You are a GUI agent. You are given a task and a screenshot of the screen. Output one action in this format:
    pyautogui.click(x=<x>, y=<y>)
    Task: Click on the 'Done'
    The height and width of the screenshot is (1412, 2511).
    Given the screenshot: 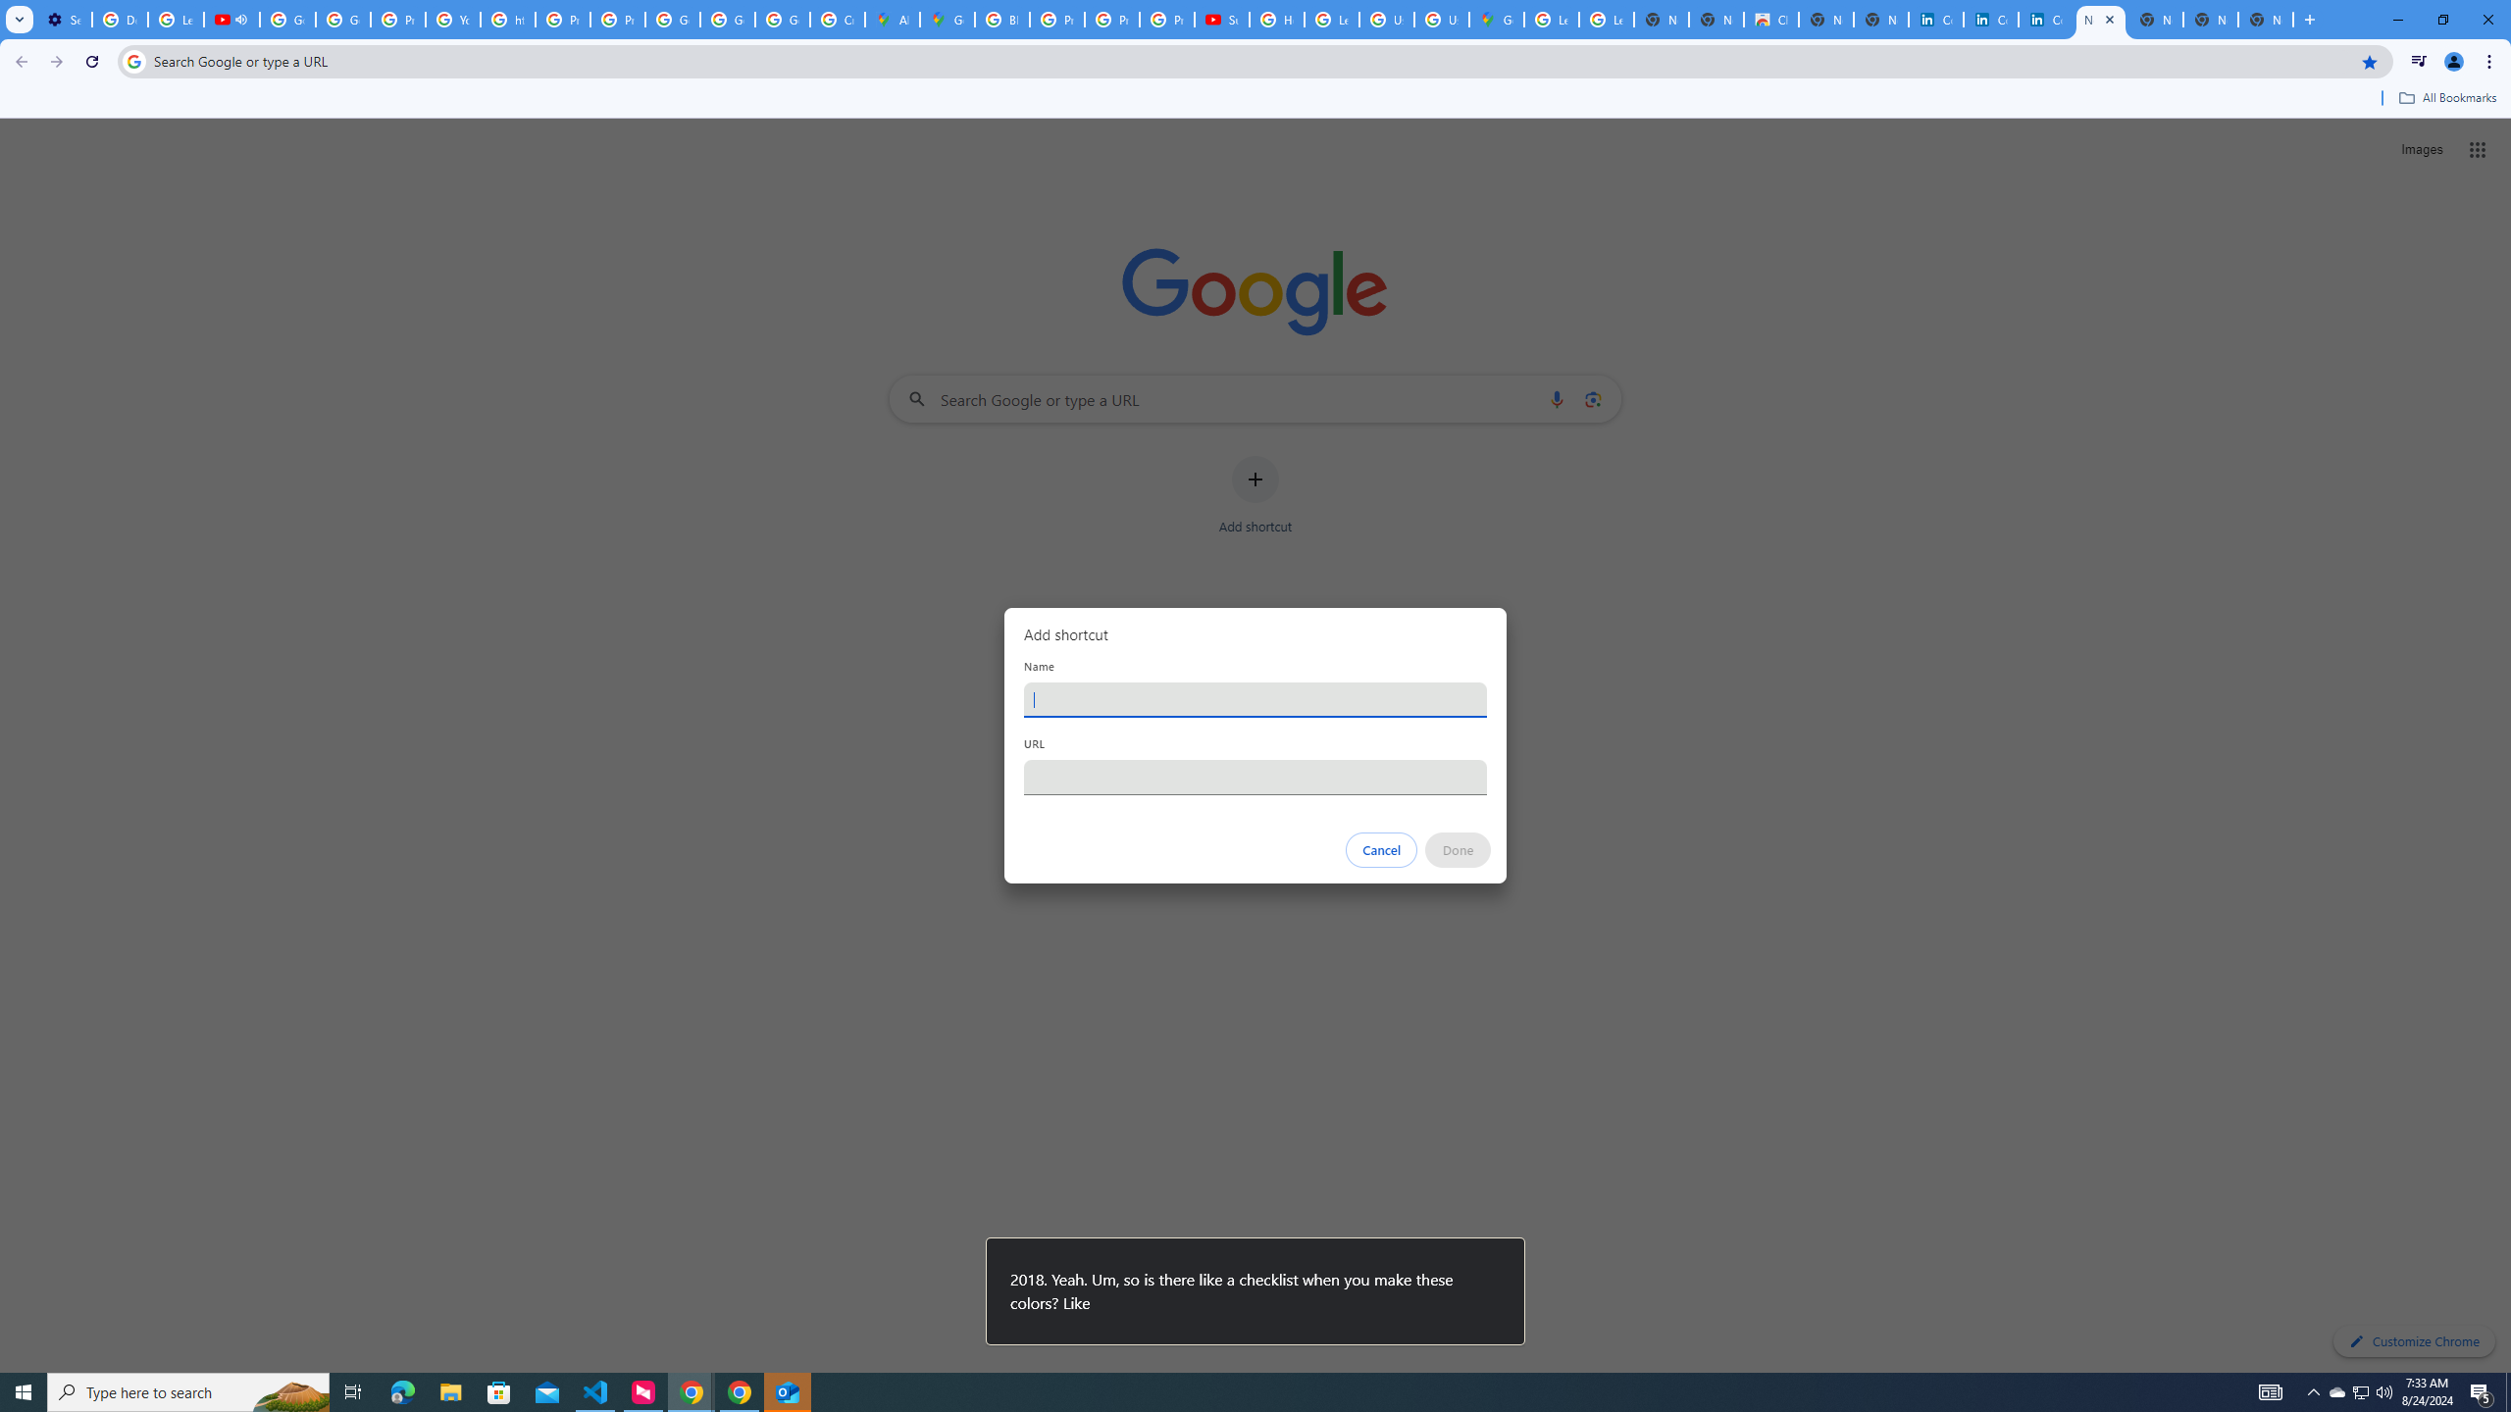 What is the action you would take?
    pyautogui.click(x=1459, y=849)
    